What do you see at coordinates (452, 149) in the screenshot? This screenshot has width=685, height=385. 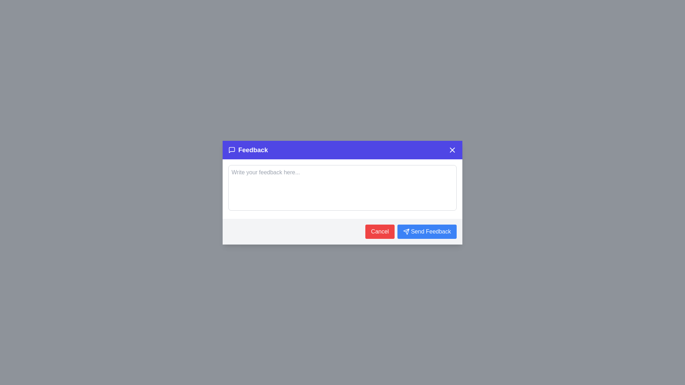 I see `the close button (X) in the top-right corner of the feedback dialog` at bounding box center [452, 149].